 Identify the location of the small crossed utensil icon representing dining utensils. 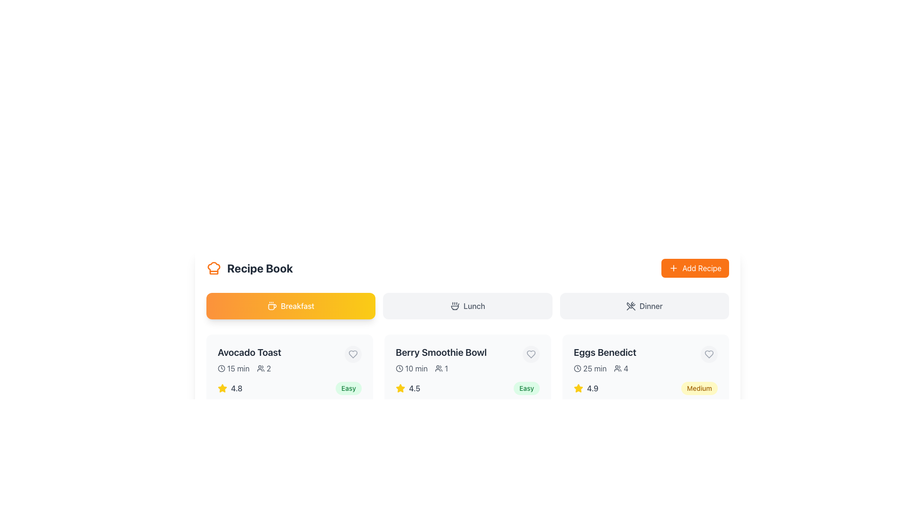
(631, 306).